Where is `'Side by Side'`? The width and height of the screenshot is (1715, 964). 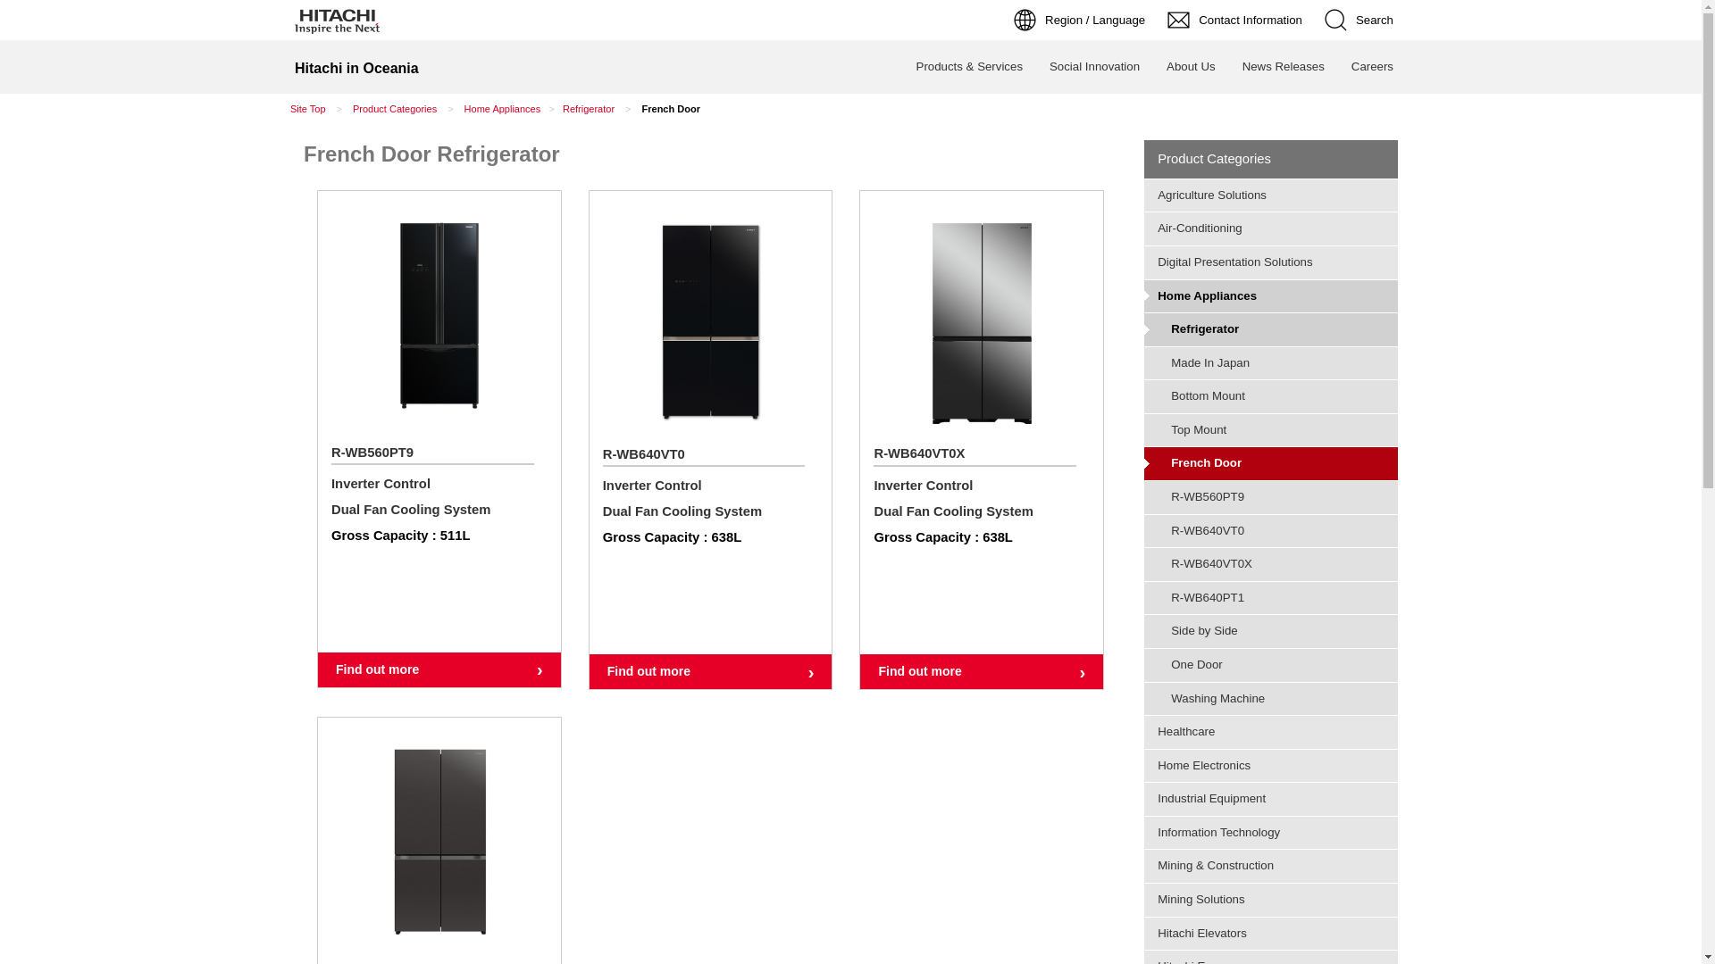
'Side by Side' is located at coordinates (1269, 629).